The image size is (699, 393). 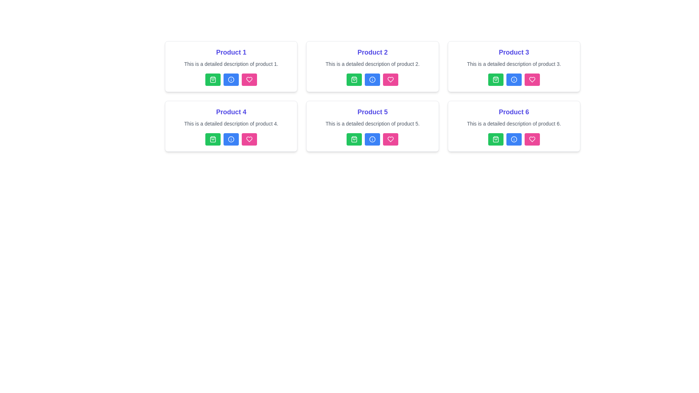 I want to click on the shopping bag icon button located at the center of the green button in the fifth product card on the second row of the product grid, so click(x=354, y=139).